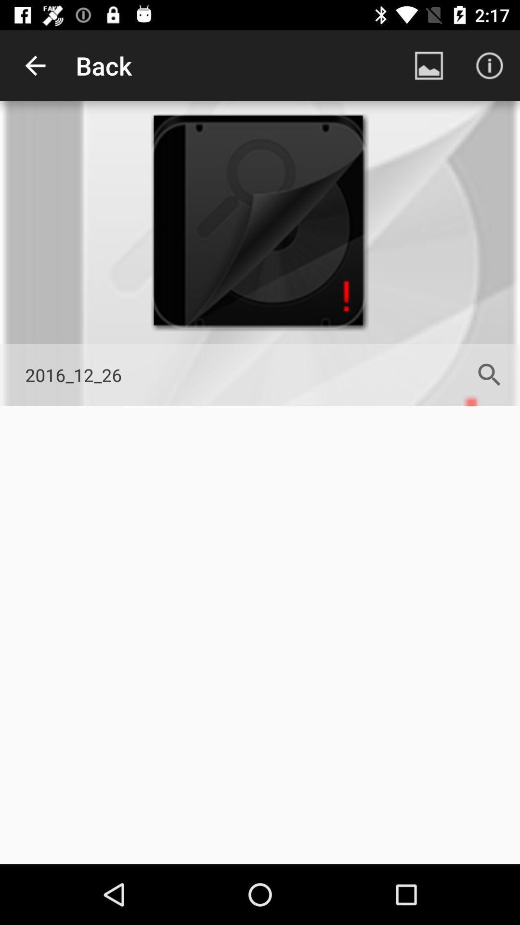  Describe the element at coordinates (490, 374) in the screenshot. I see `the search icon` at that location.